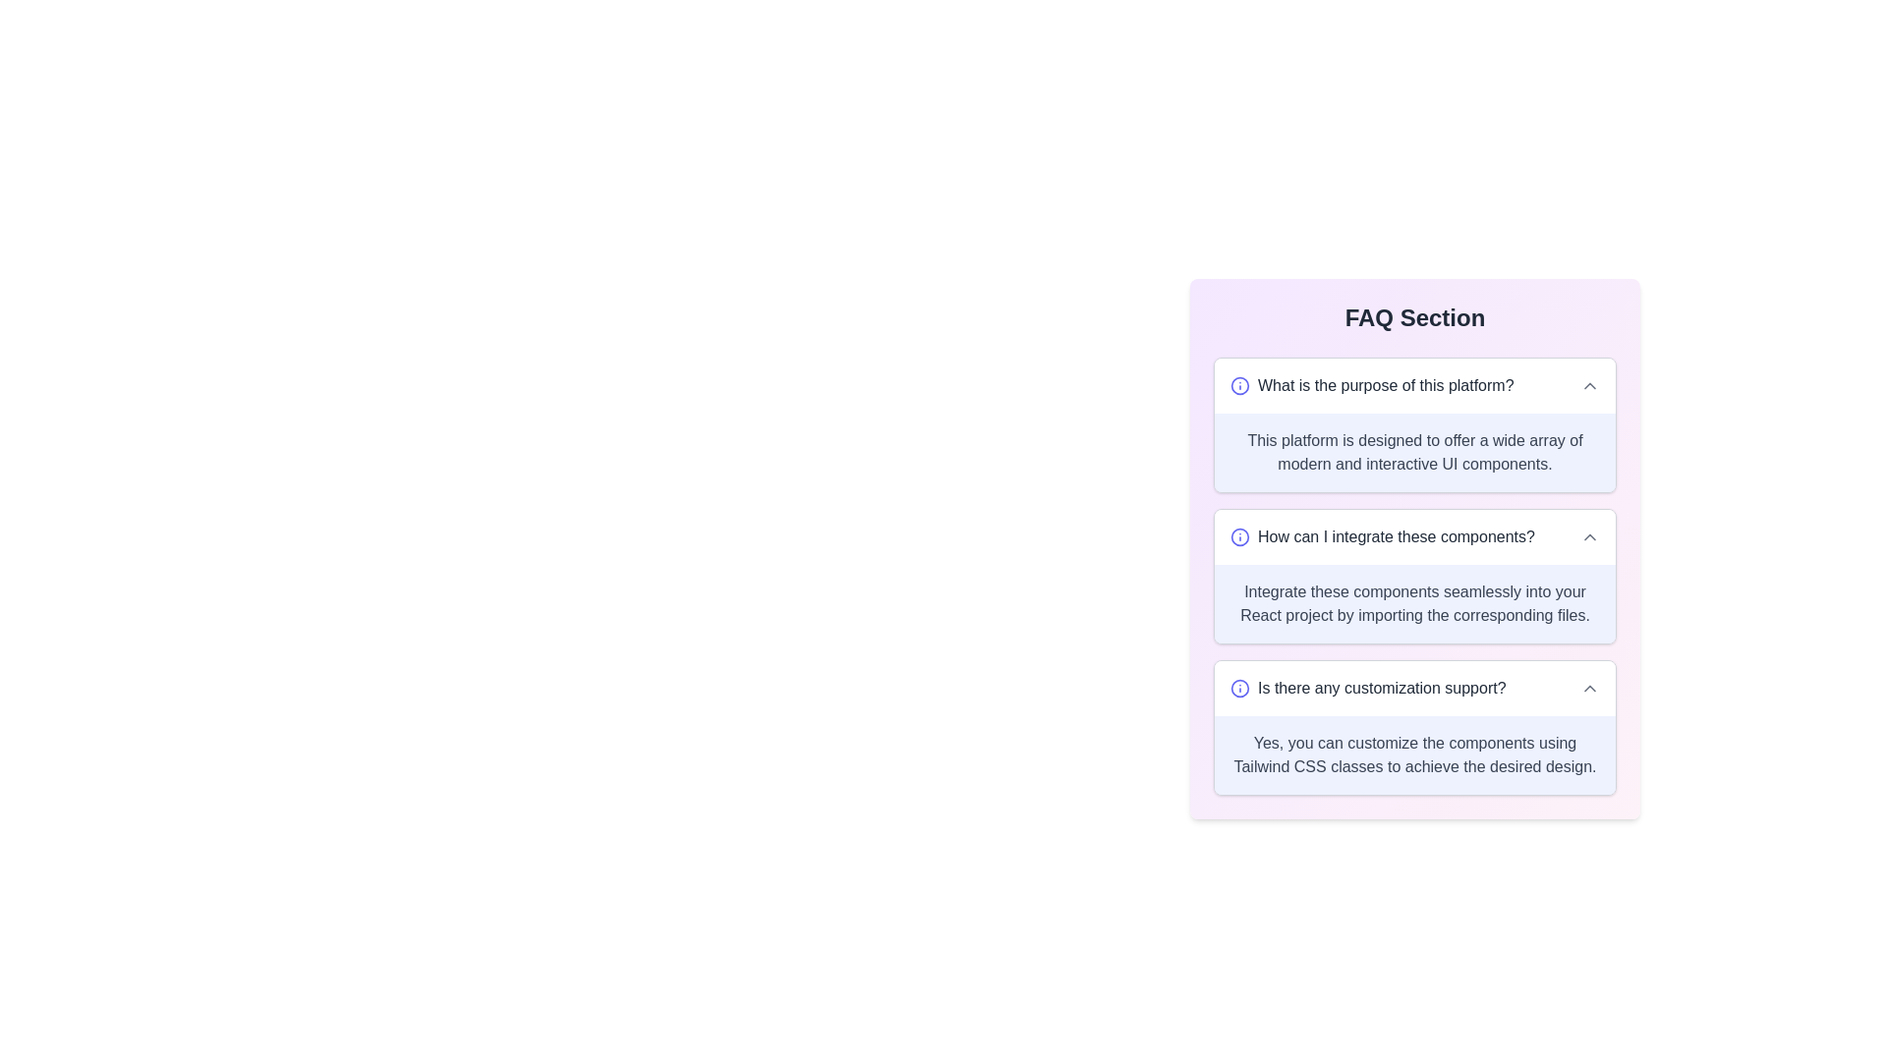  I want to click on the SVG Icon on the right side of the row containing the question 'How can I integrate these components?', so click(1589, 537).